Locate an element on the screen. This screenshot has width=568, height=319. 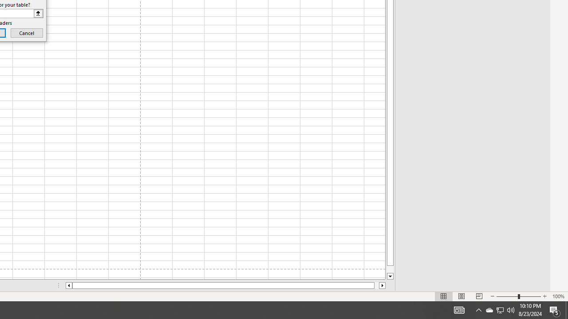
'Column right' is located at coordinates (383, 285).